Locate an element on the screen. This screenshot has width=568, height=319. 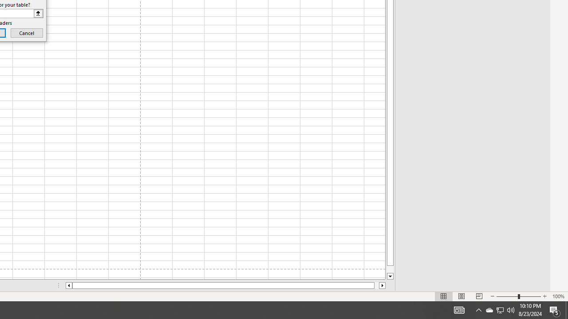
'Column right' is located at coordinates (383, 285).